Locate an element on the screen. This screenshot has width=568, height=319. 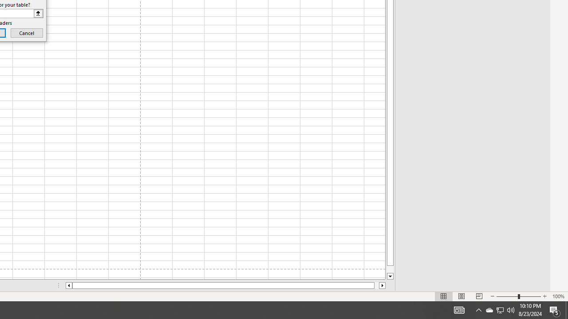
'Column right' is located at coordinates (383, 285).